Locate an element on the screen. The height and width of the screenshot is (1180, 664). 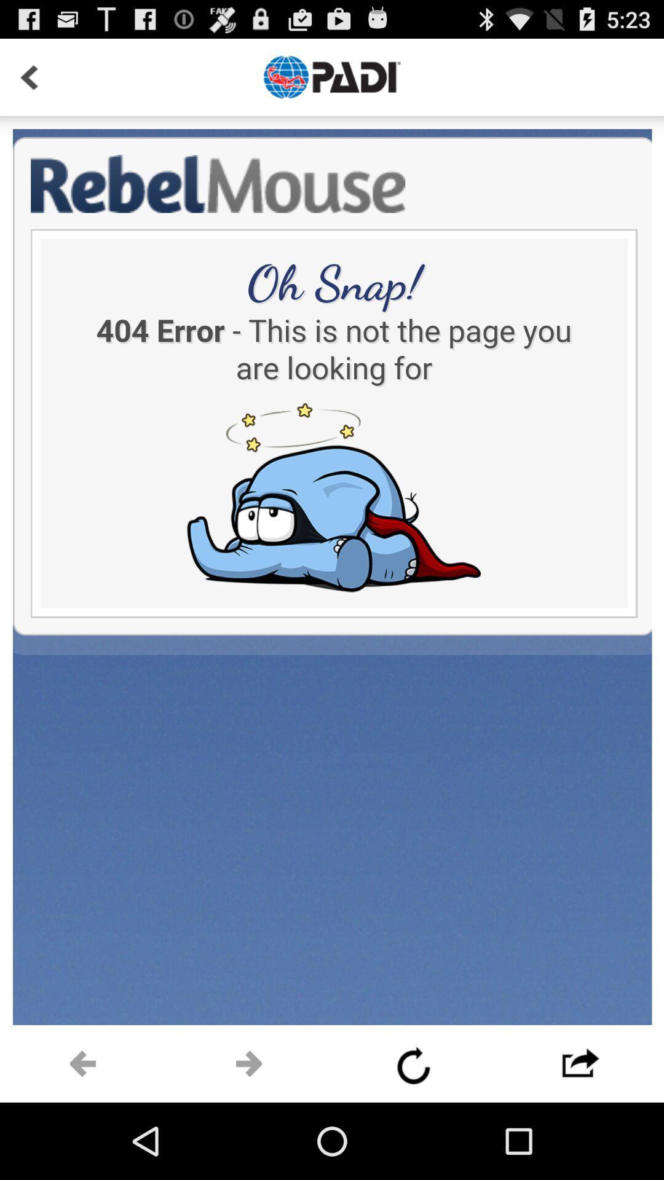
the arrow_backward icon is located at coordinates (83, 1138).